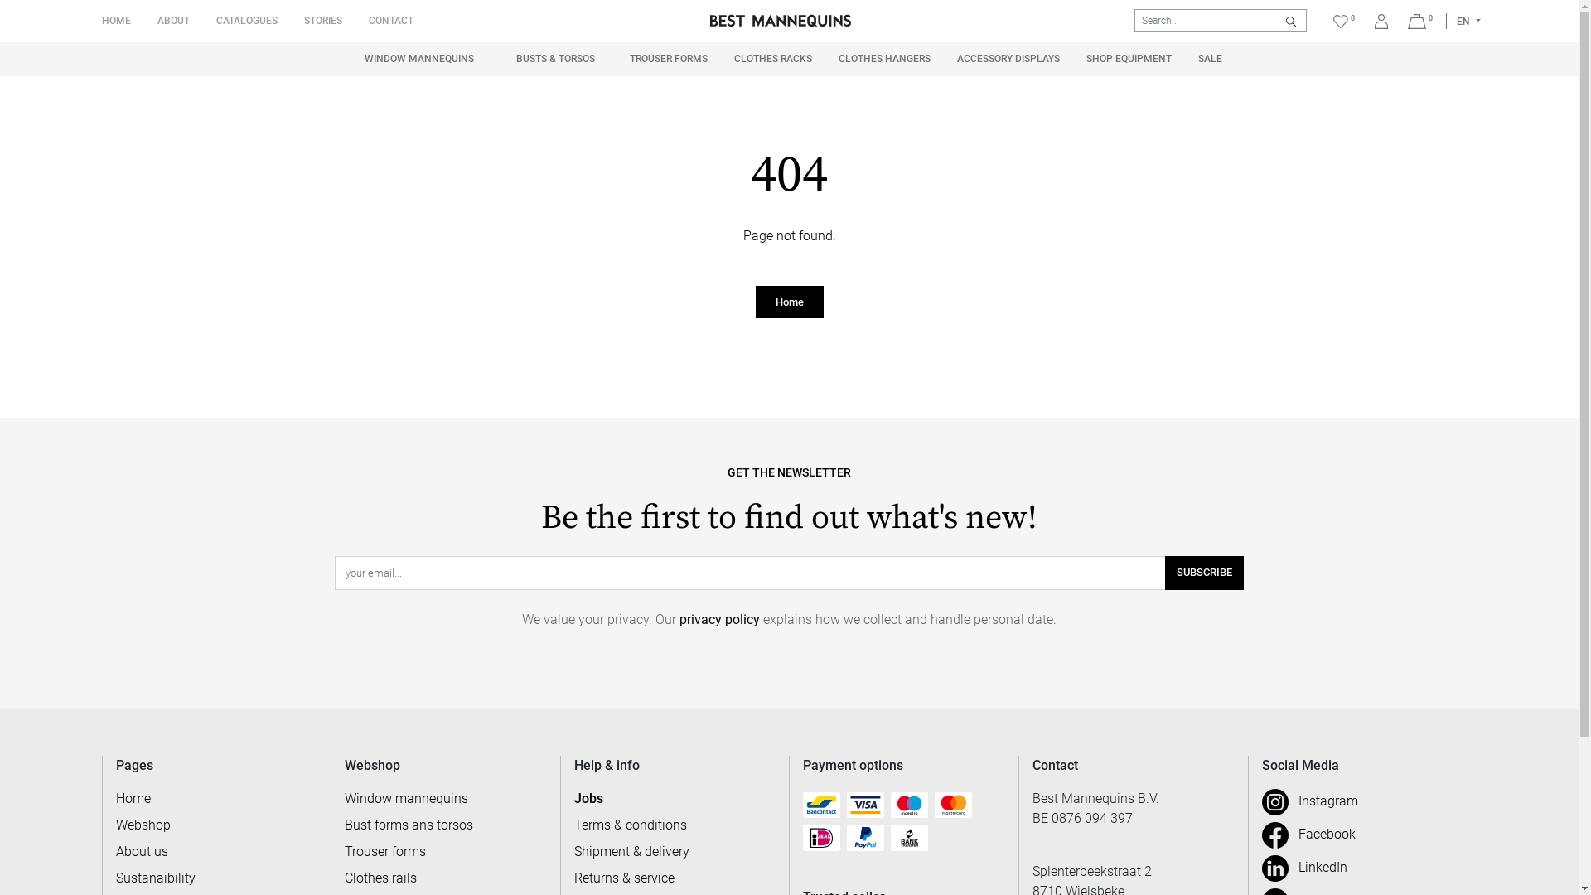  What do you see at coordinates (771, 57) in the screenshot?
I see `'CLOTHES RACKS'` at bounding box center [771, 57].